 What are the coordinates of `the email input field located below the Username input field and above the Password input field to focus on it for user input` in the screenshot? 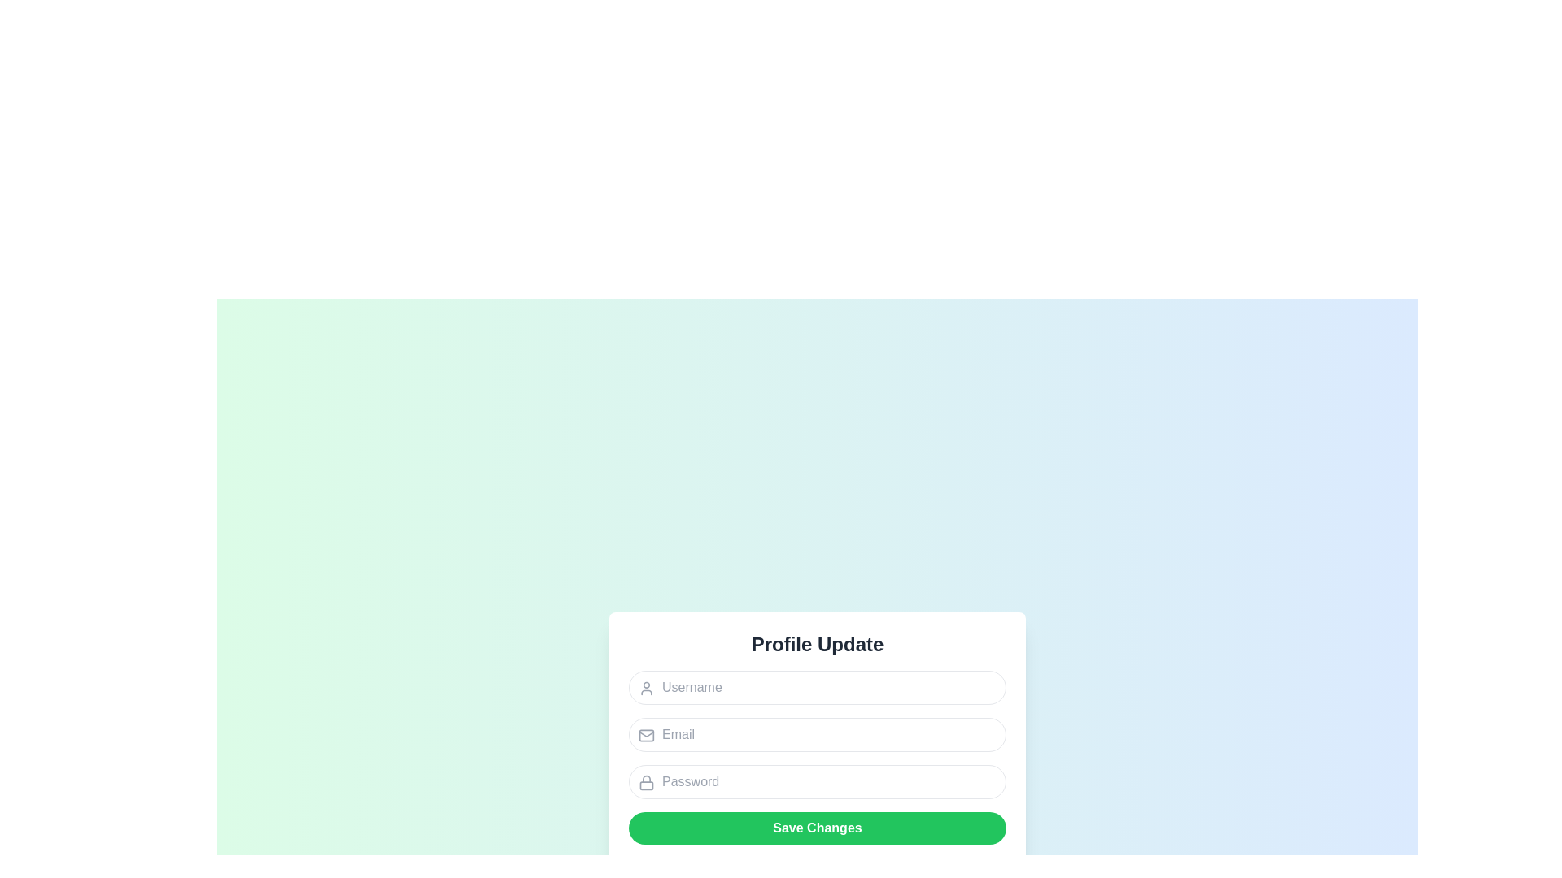 It's located at (817, 737).